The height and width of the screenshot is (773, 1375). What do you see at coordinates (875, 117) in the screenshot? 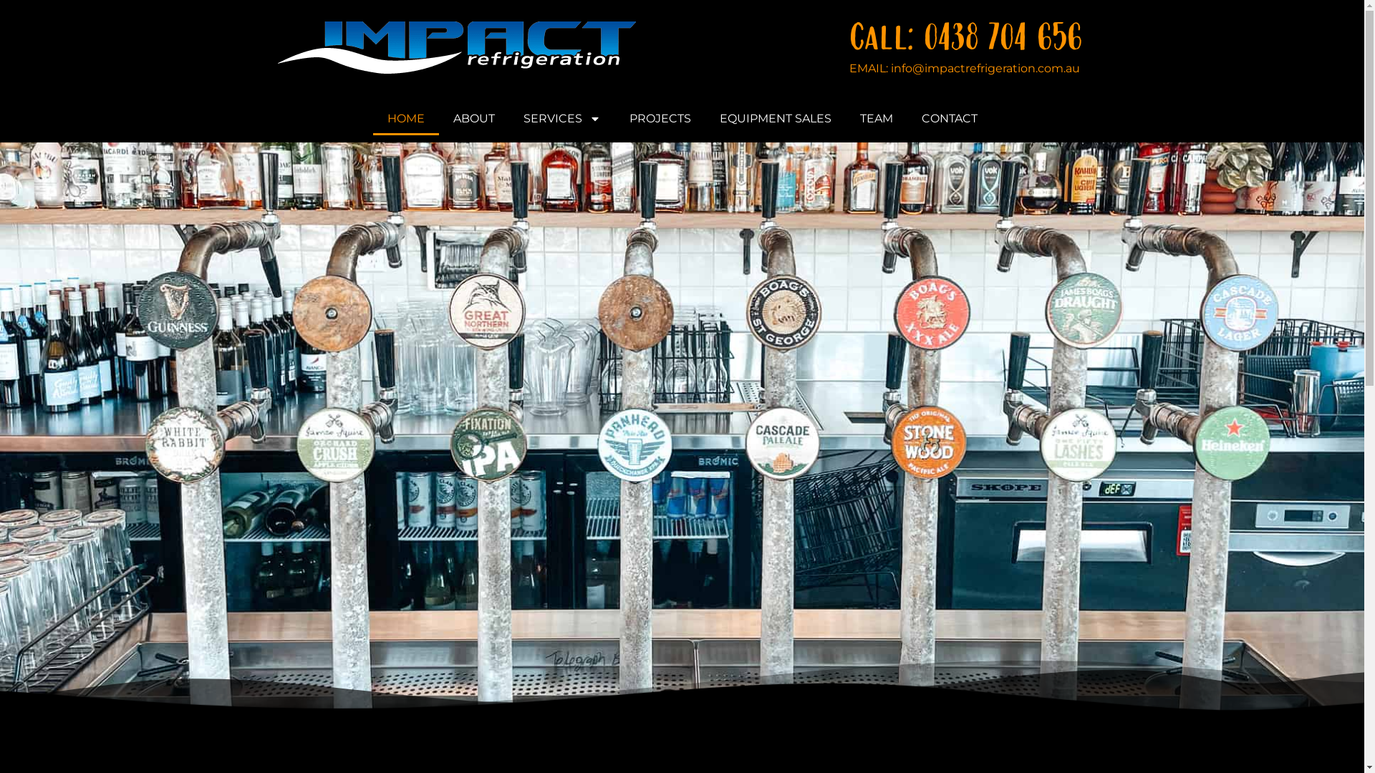
I see `'TEAM'` at bounding box center [875, 117].